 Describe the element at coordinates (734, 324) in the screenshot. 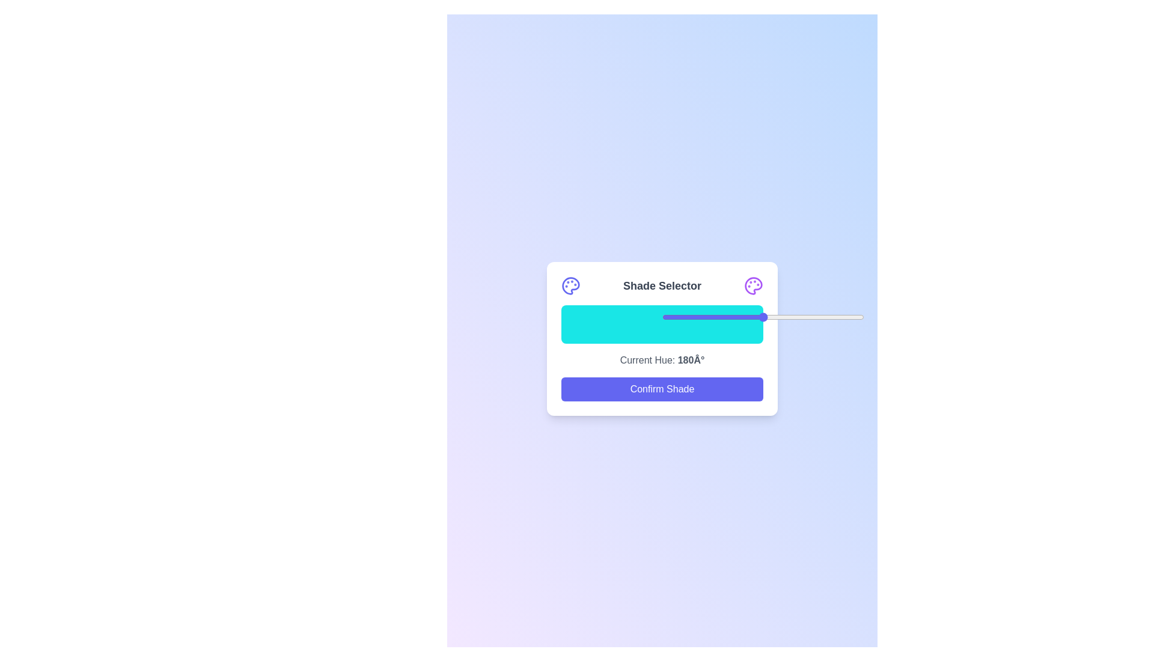

I see `the shade slider to 86 to observe the corresponding color` at that location.